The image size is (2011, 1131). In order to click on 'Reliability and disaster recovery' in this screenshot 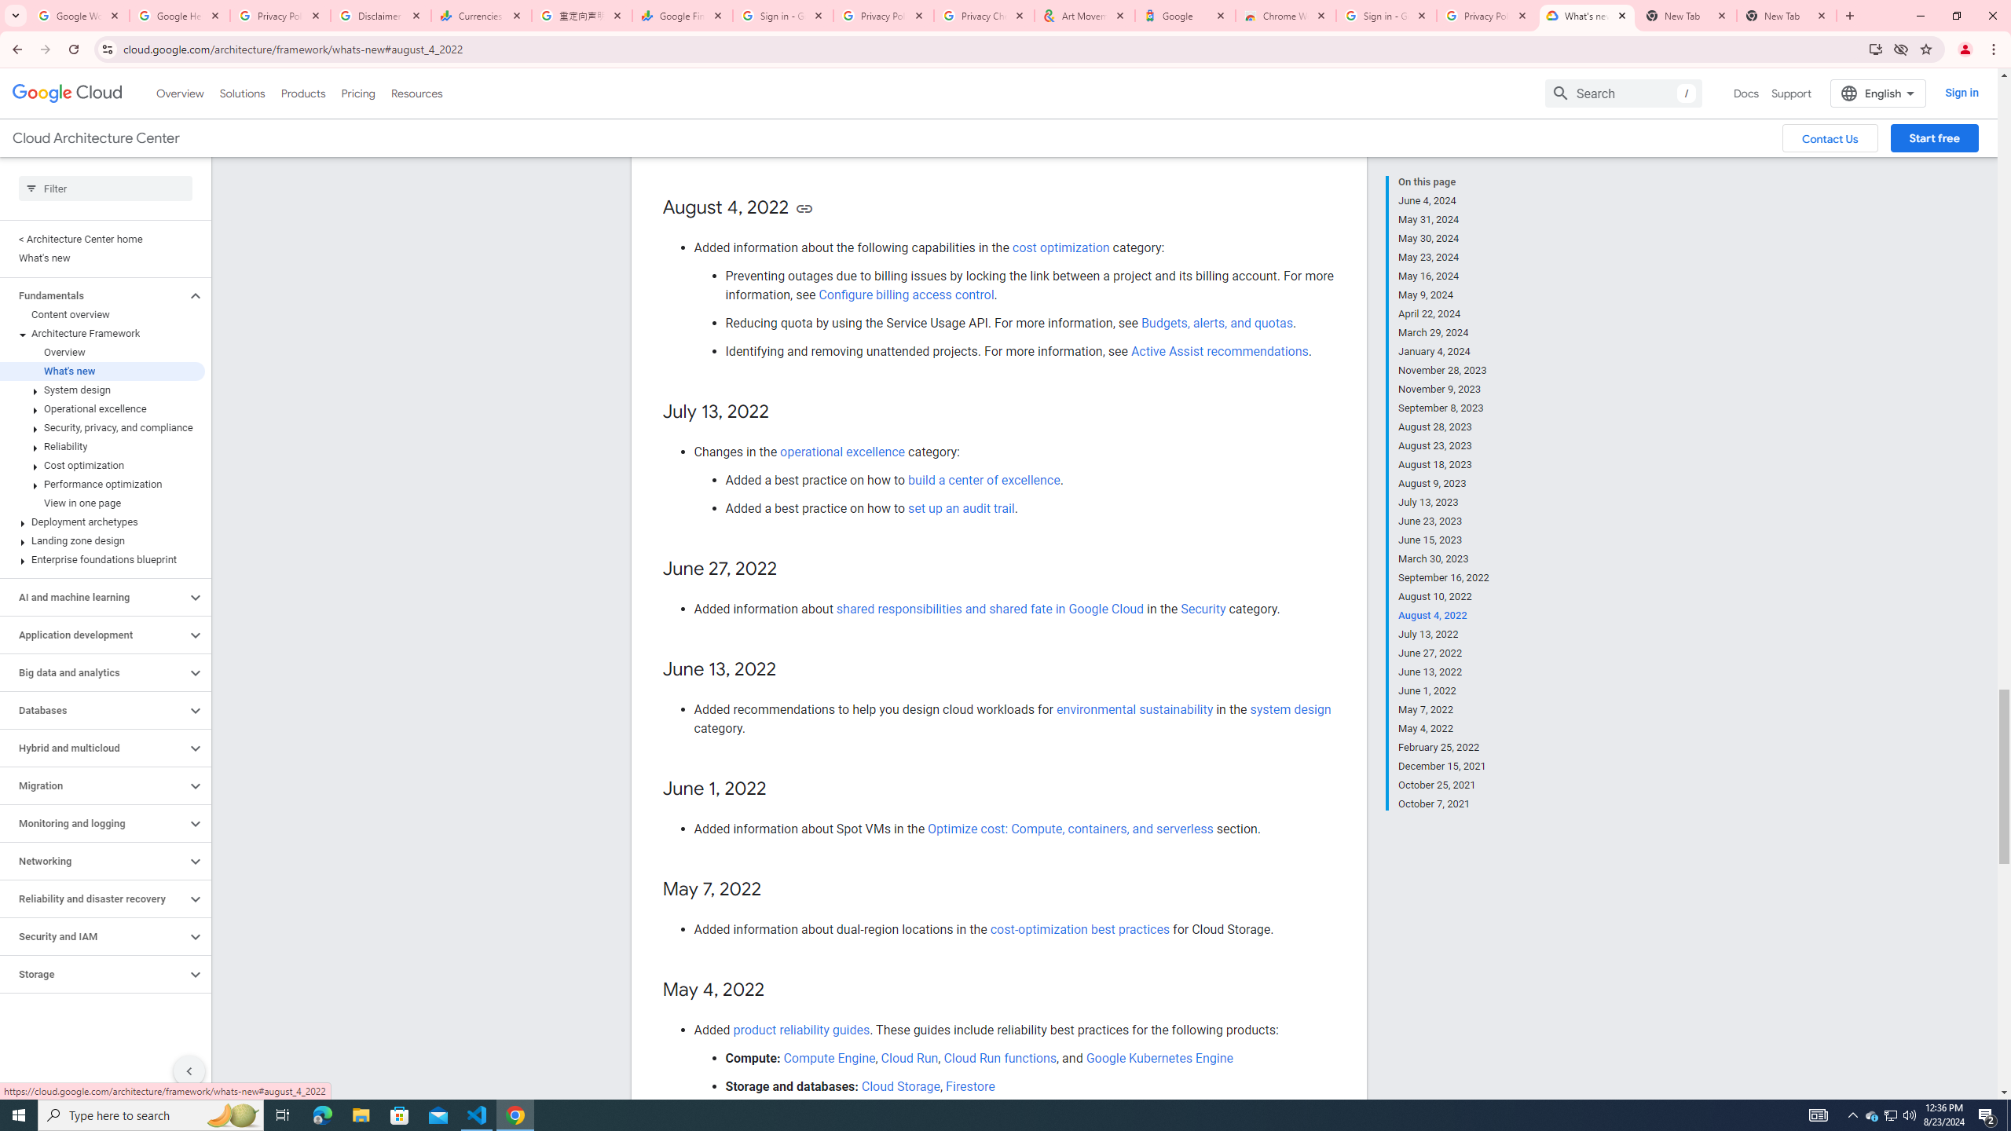, I will do `click(93, 899)`.